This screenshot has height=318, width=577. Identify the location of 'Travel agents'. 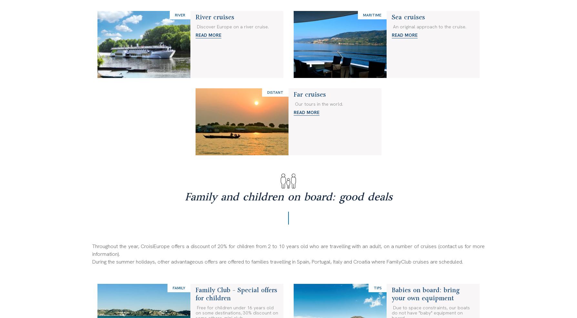
(288, 49).